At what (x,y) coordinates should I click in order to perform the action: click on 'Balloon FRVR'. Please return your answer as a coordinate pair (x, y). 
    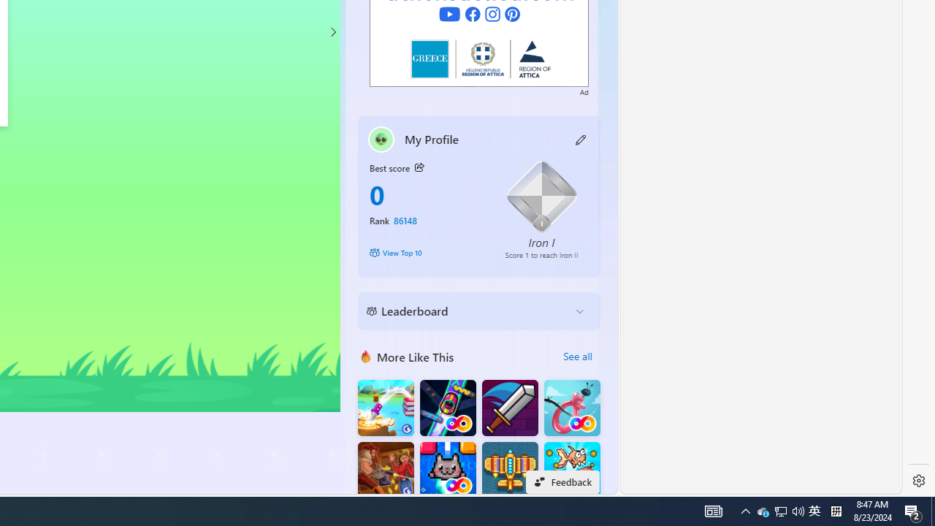
    Looking at the image, I should click on (571, 408).